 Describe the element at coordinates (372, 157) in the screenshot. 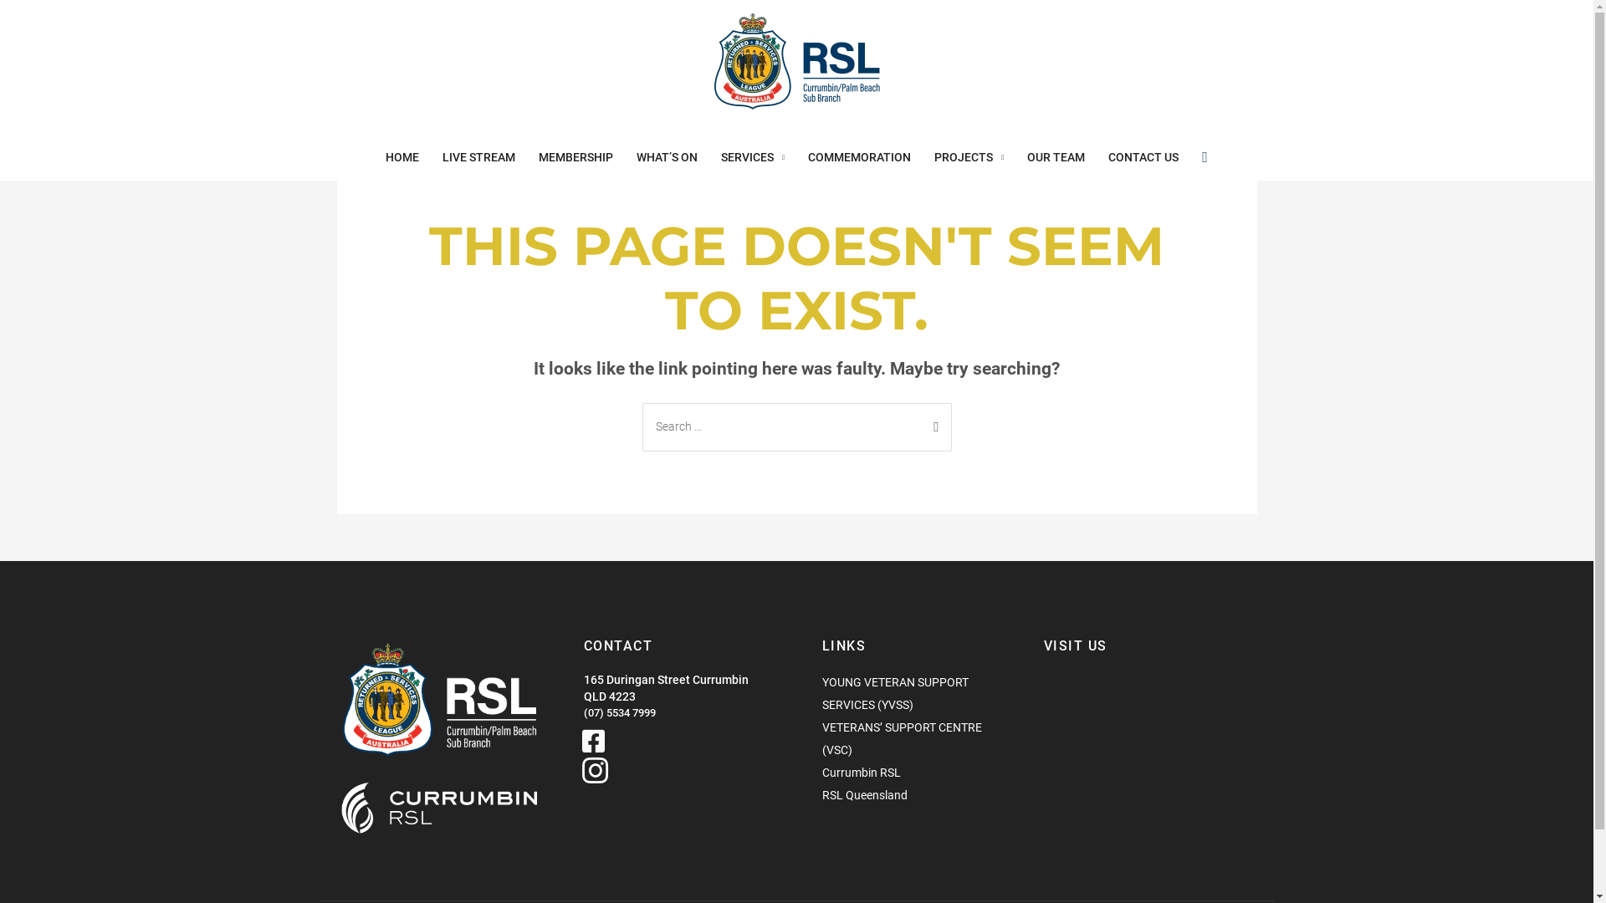

I see `'HOME'` at that location.